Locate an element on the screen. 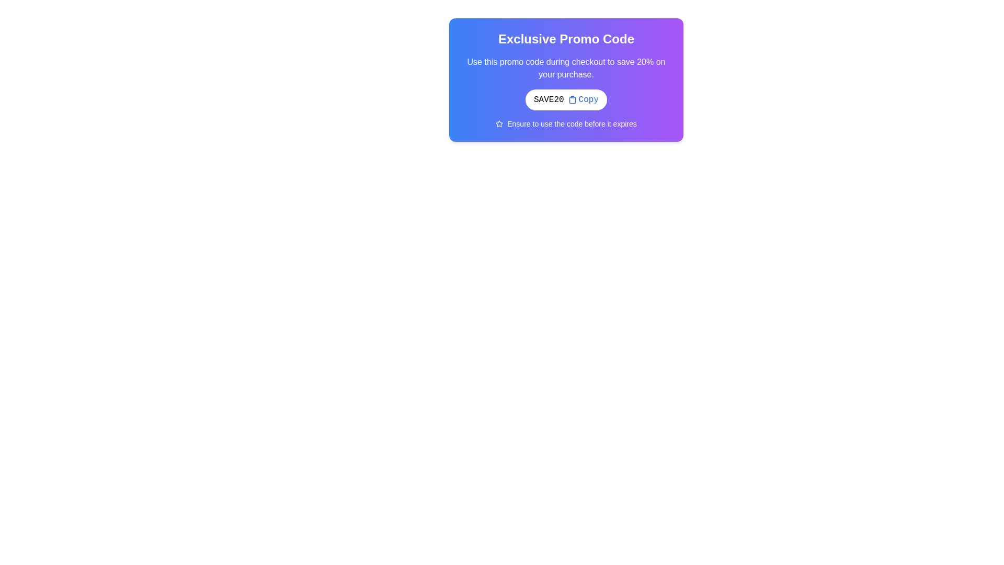  the star icon located immediately to the left of the text 'Ensure to use the code before it expires' is located at coordinates (499, 123).